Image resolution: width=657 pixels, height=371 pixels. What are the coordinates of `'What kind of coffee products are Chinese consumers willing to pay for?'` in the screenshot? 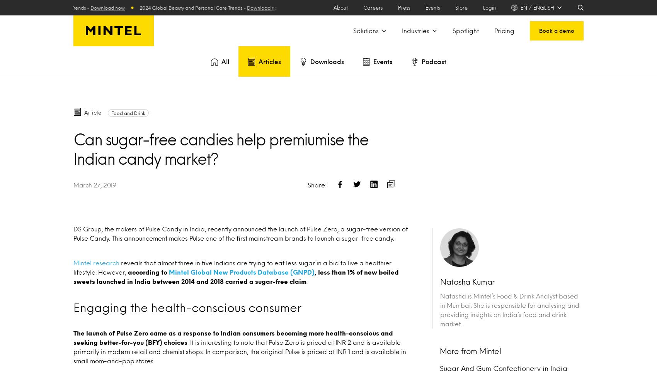 It's located at (151, 147).